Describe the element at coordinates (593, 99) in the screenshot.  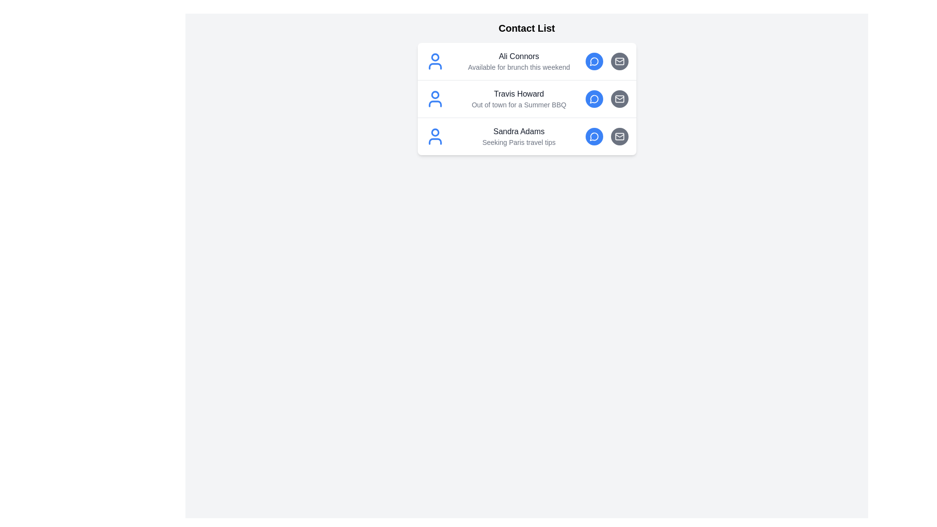
I see `the chat icon within the button located to the right of 'Travis Howard'` at that location.